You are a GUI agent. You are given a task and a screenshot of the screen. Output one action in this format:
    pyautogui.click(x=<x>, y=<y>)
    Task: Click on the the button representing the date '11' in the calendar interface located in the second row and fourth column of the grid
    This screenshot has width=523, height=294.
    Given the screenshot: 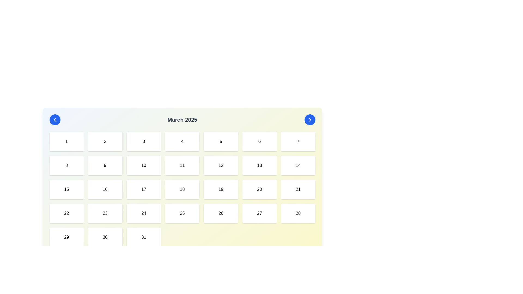 What is the action you would take?
    pyautogui.click(x=182, y=165)
    